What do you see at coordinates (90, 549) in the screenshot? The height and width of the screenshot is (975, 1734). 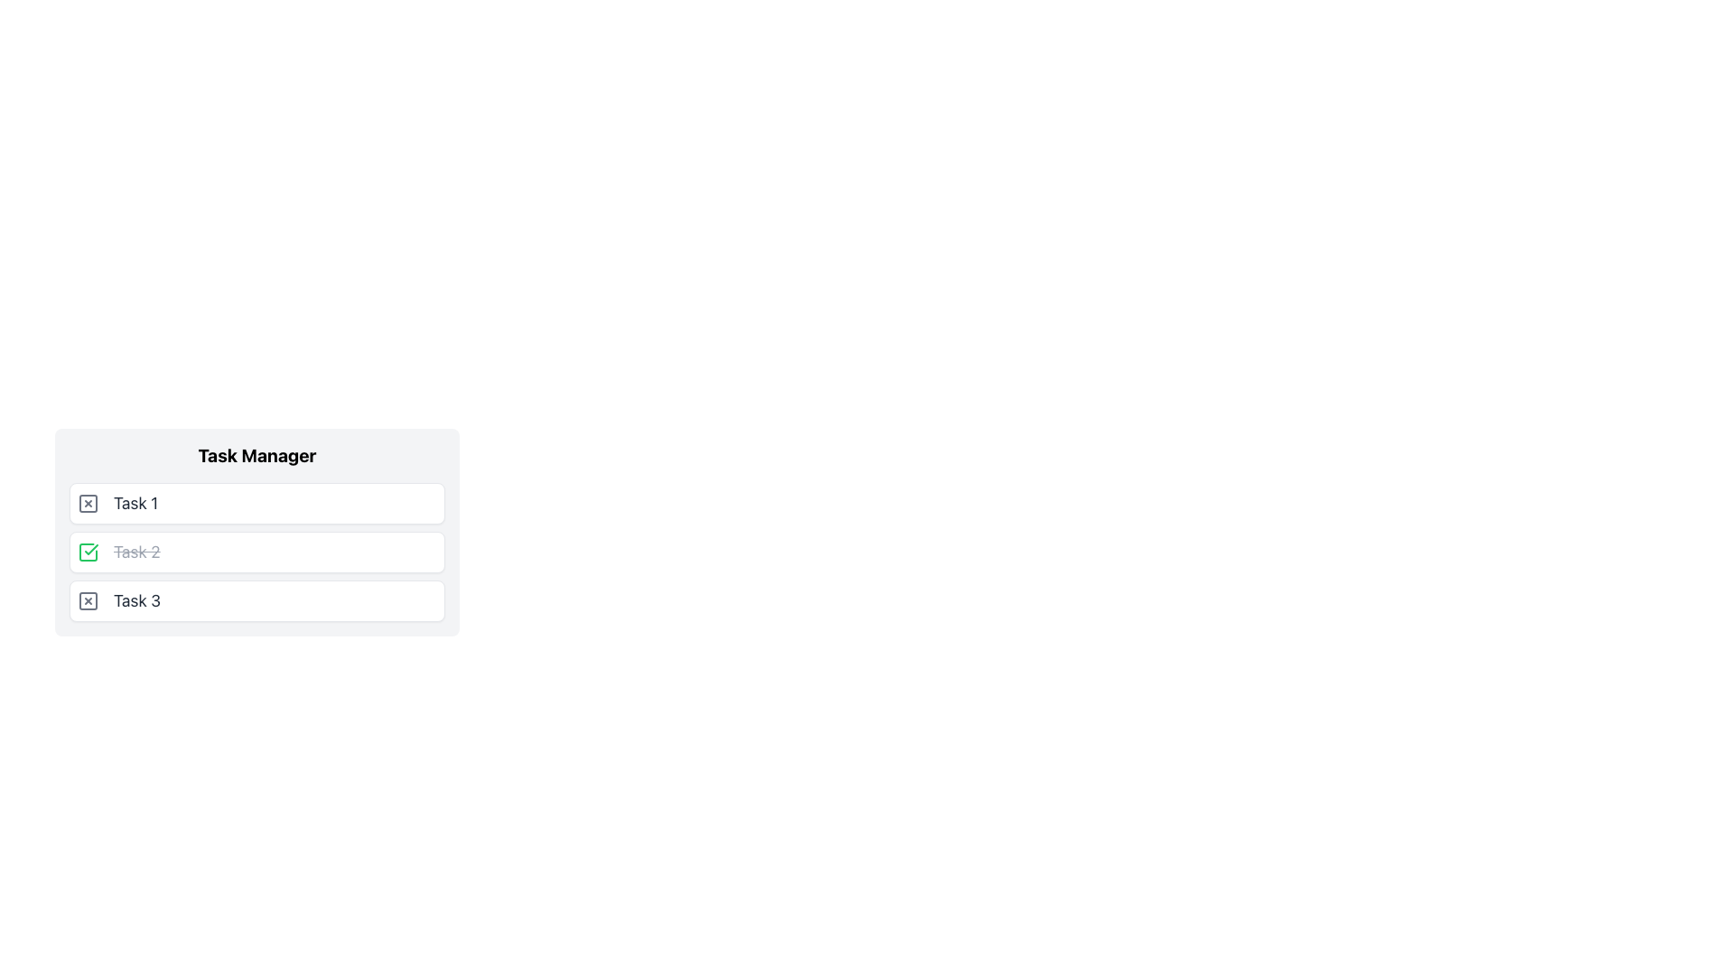 I see `the green checkmark icon located within the second task row of the Task Manager interface` at bounding box center [90, 549].